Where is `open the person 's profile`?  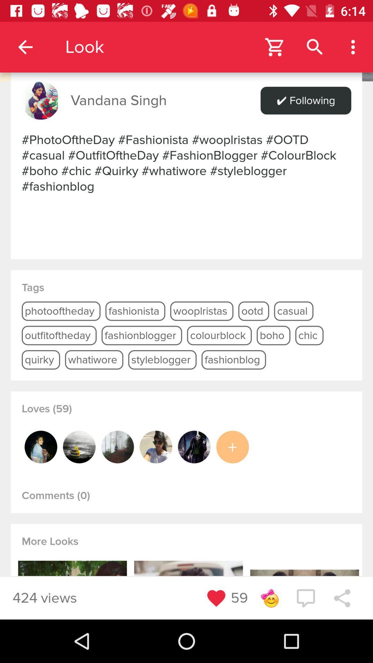 open the person 's profile is located at coordinates (41, 447).